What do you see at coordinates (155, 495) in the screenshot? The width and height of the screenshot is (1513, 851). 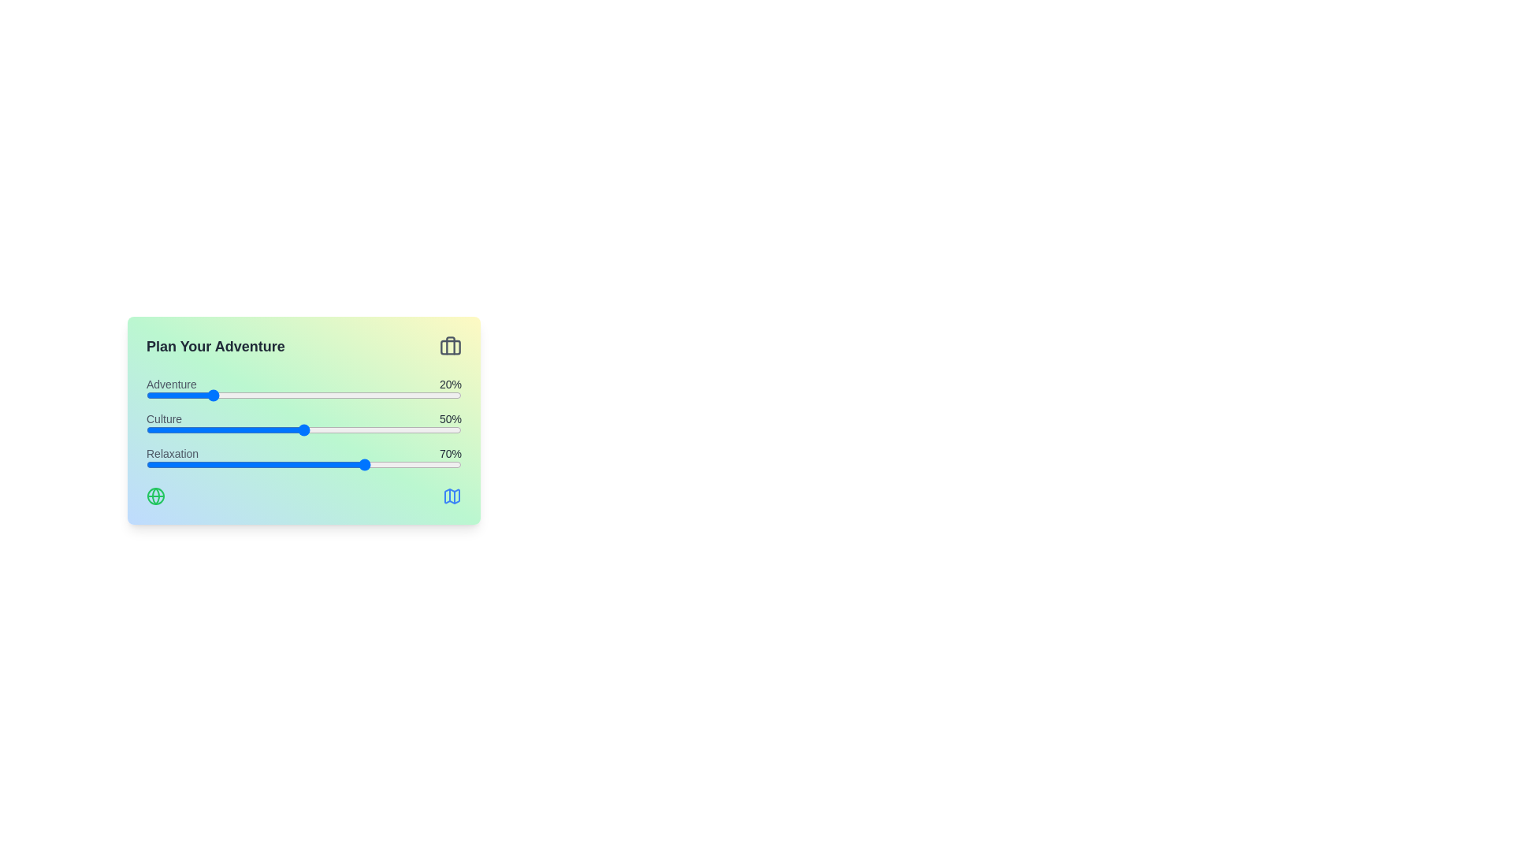 I see `the 'Globe' icon in the bottom-left corner of the component` at bounding box center [155, 495].